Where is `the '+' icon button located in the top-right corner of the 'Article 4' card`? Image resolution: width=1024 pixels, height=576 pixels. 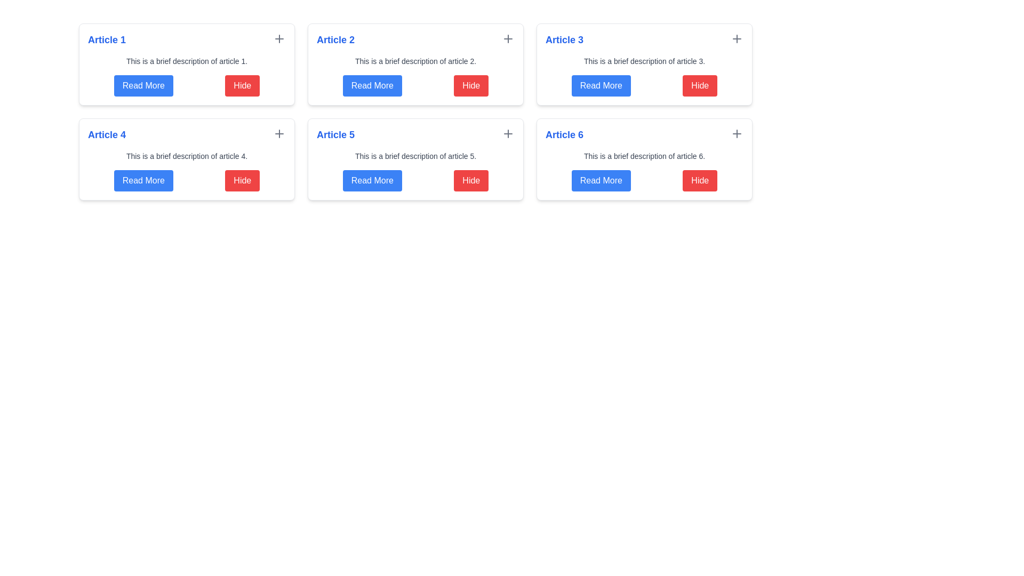 the '+' icon button located in the top-right corner of the 'Article 4' card is located at coordinates (279, 133).